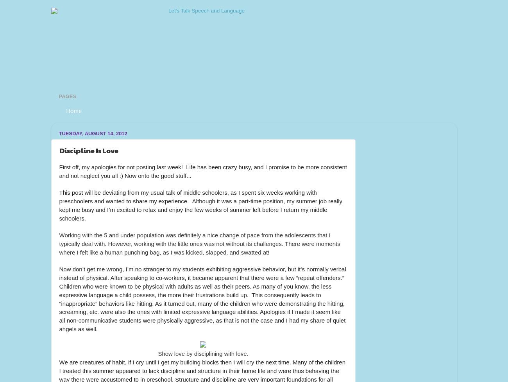 The width and height of the screenshot is (508, 382). Describe the element at coordinates (201, 209) in the screenshot. I see `'Although it was a part-time position, my summer job really kept me busy and I’m excited to relax and enjoy the few weeks of summer left before I return my middle schoolers.'` at that location.